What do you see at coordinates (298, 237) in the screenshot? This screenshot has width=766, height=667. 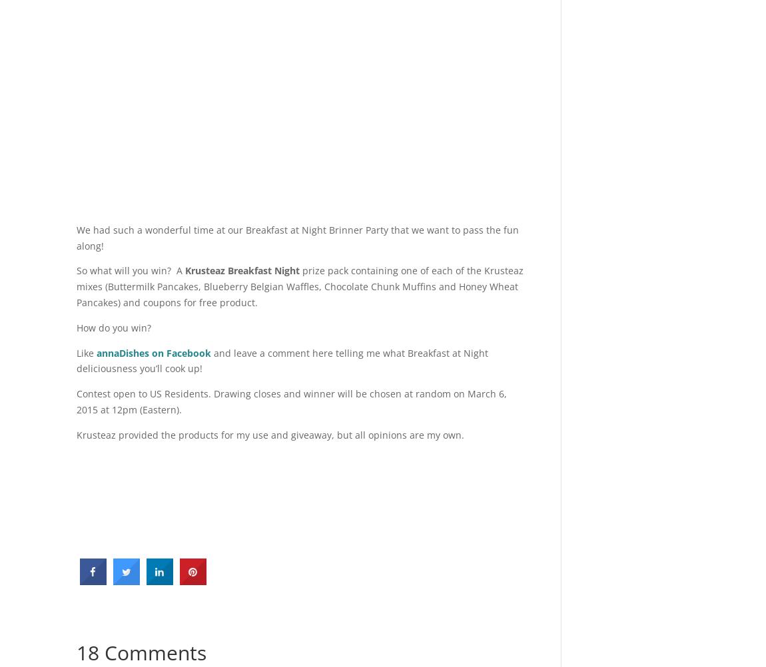 I see `'We had such a wonderful time at our Breakfast at Night Brinner Party that we want to pass the fun along!'` at bounding box center [298, 237].